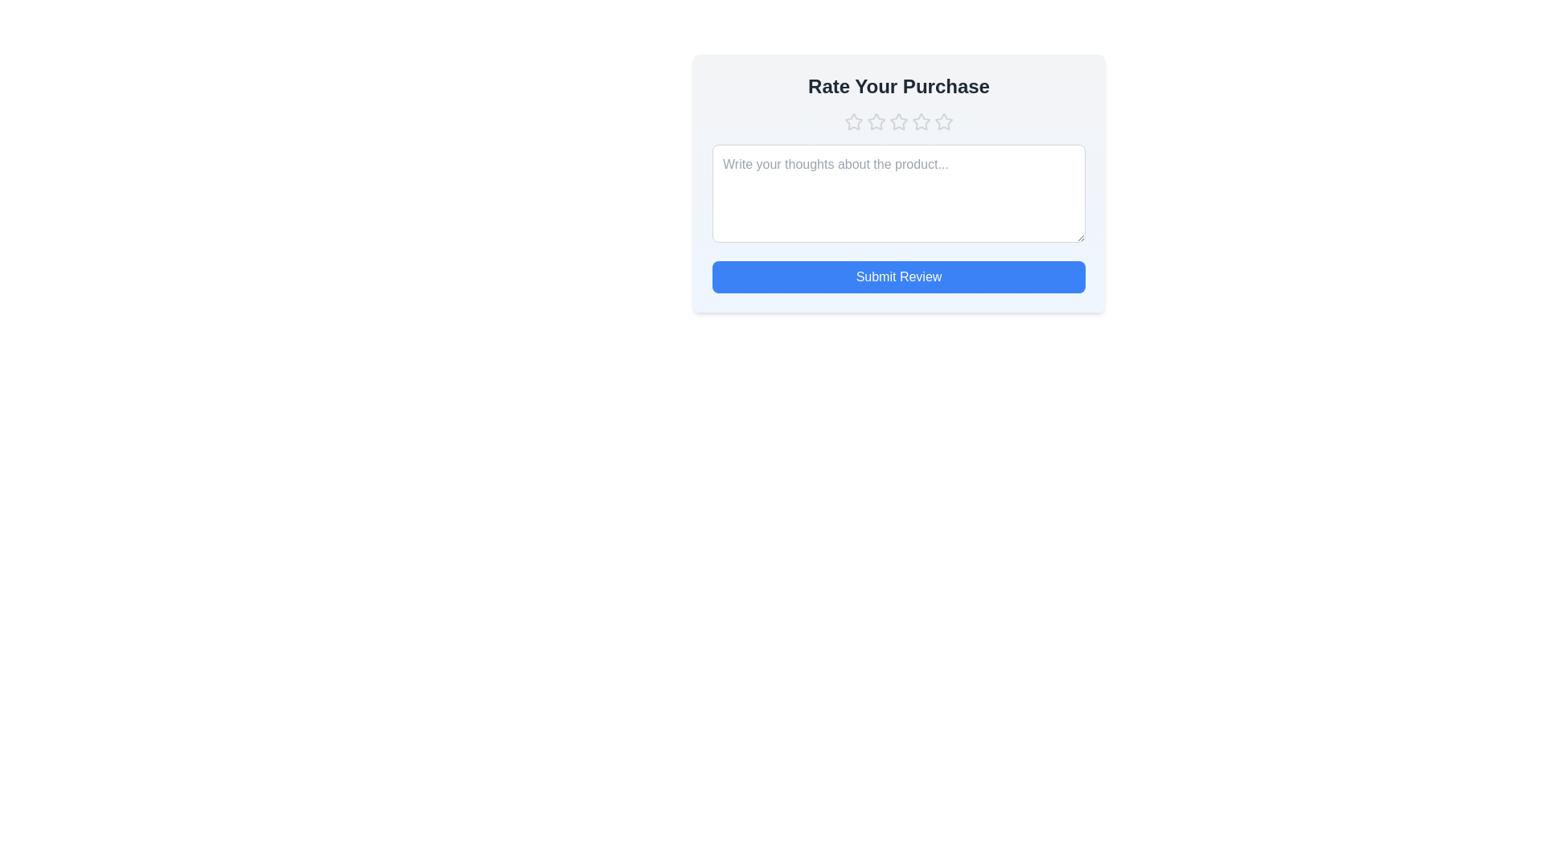 This screenshot has height=868, width=1544. Describe the element at coordinates (852, 121) in the screenshot. I see `the star corresponding to the rating 1` at that location.